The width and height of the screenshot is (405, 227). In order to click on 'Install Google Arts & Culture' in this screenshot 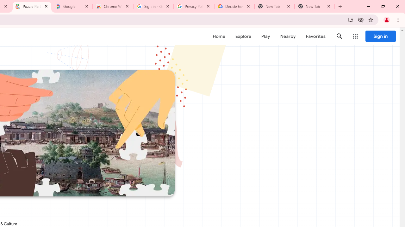, I will do `click(350, 19)`.